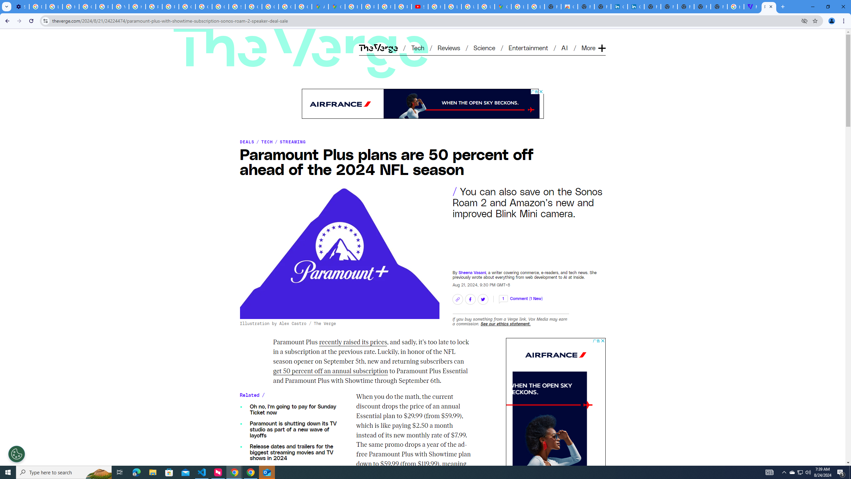  What do you see at coordinates (482, 299) in the screenshot?
I see `'Share on Twitter'` at bounding box center [482, 299].